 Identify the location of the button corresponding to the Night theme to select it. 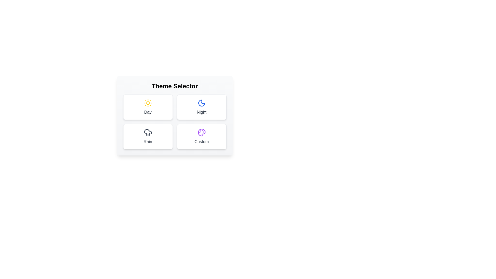
(201, 107).